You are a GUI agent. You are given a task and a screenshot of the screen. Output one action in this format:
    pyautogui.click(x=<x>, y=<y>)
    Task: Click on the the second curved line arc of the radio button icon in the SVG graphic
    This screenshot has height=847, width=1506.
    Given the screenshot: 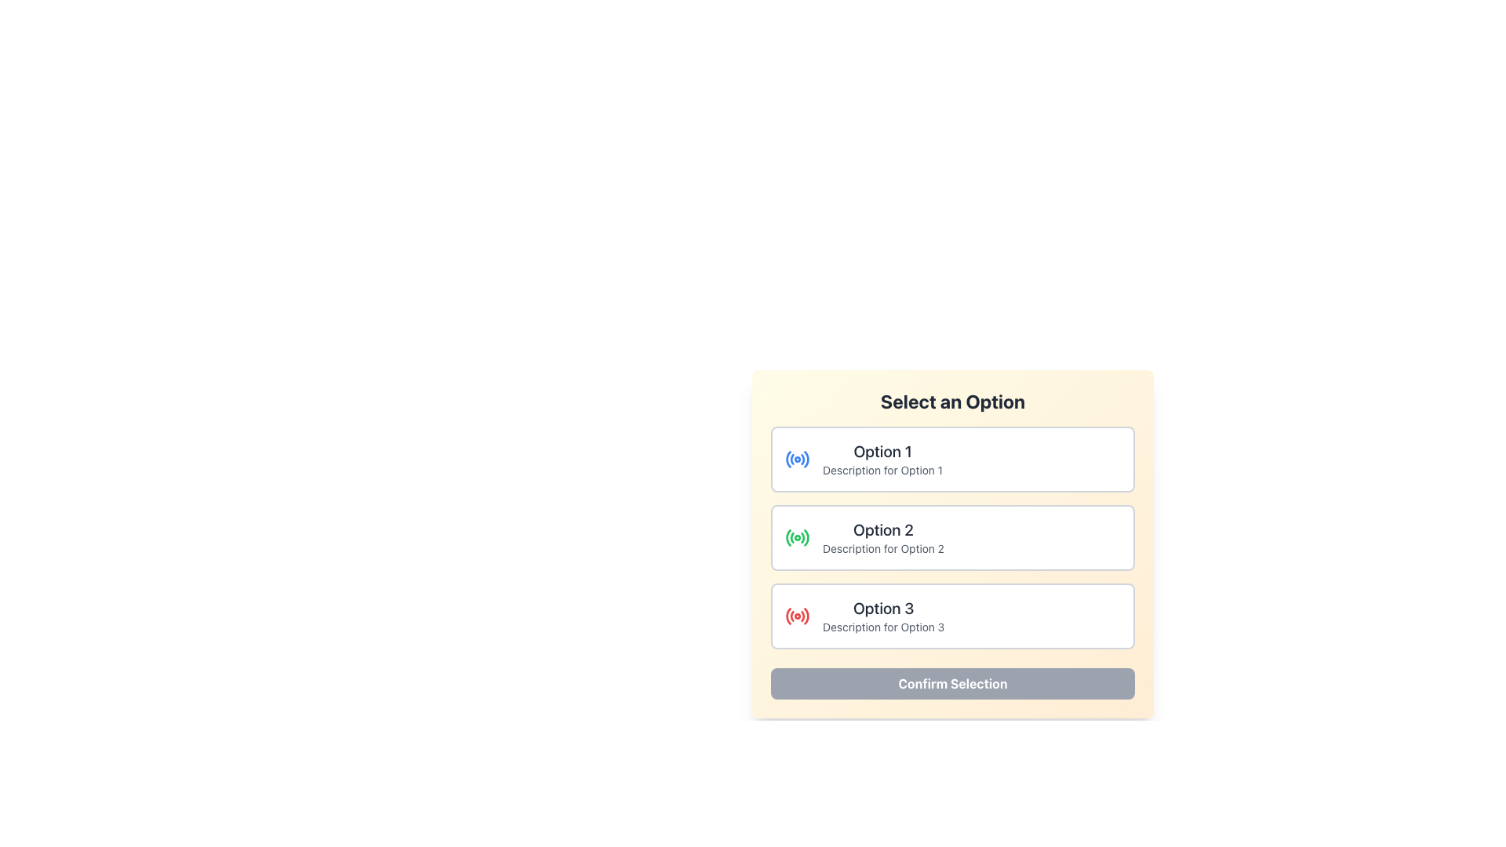 What is the action you would take?
    pyautogui.click(x=792, y=459)
    